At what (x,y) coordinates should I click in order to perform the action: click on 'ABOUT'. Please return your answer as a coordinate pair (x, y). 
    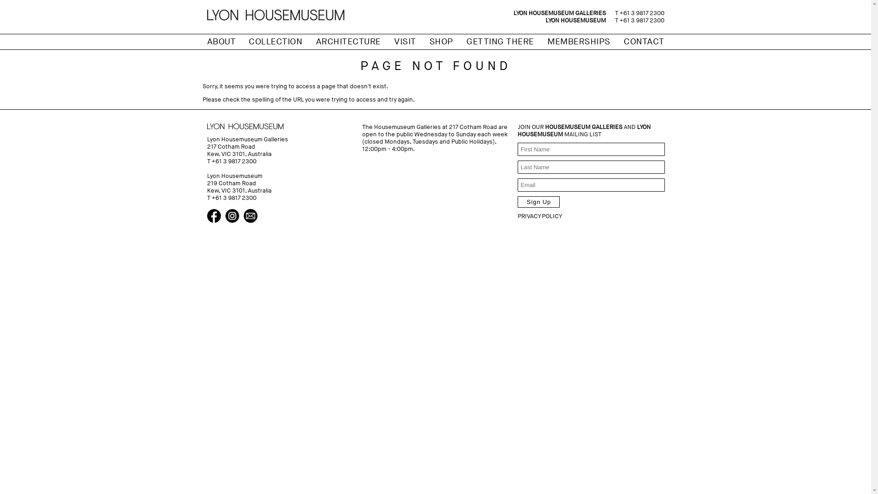
    Looking at the image, I should click on (221, 42).